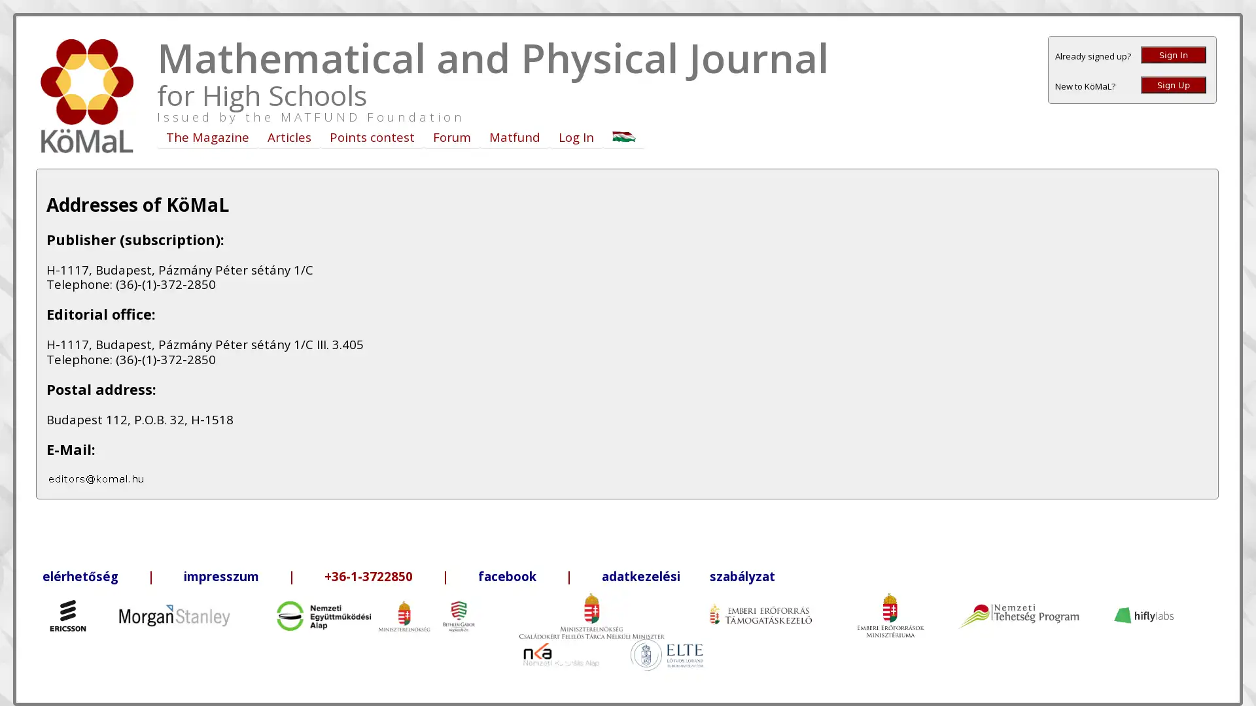 The height and width of the screenshot is (706, 1256). I want to click on Sign Up, so click(1174, 85).